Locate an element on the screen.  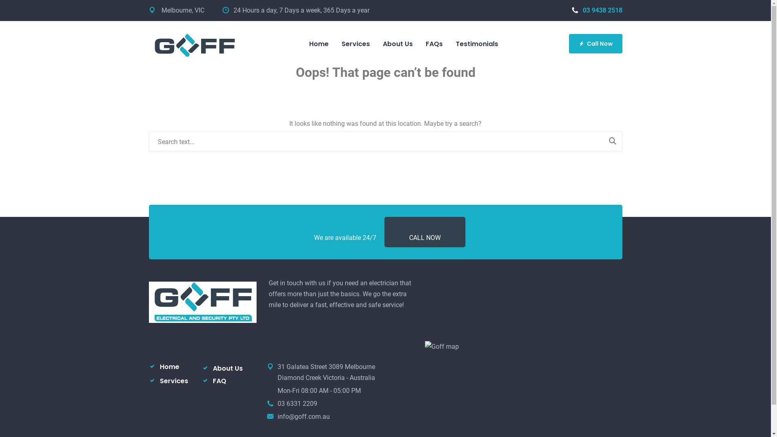
'FAQ' is located at coordinates (219, 381).